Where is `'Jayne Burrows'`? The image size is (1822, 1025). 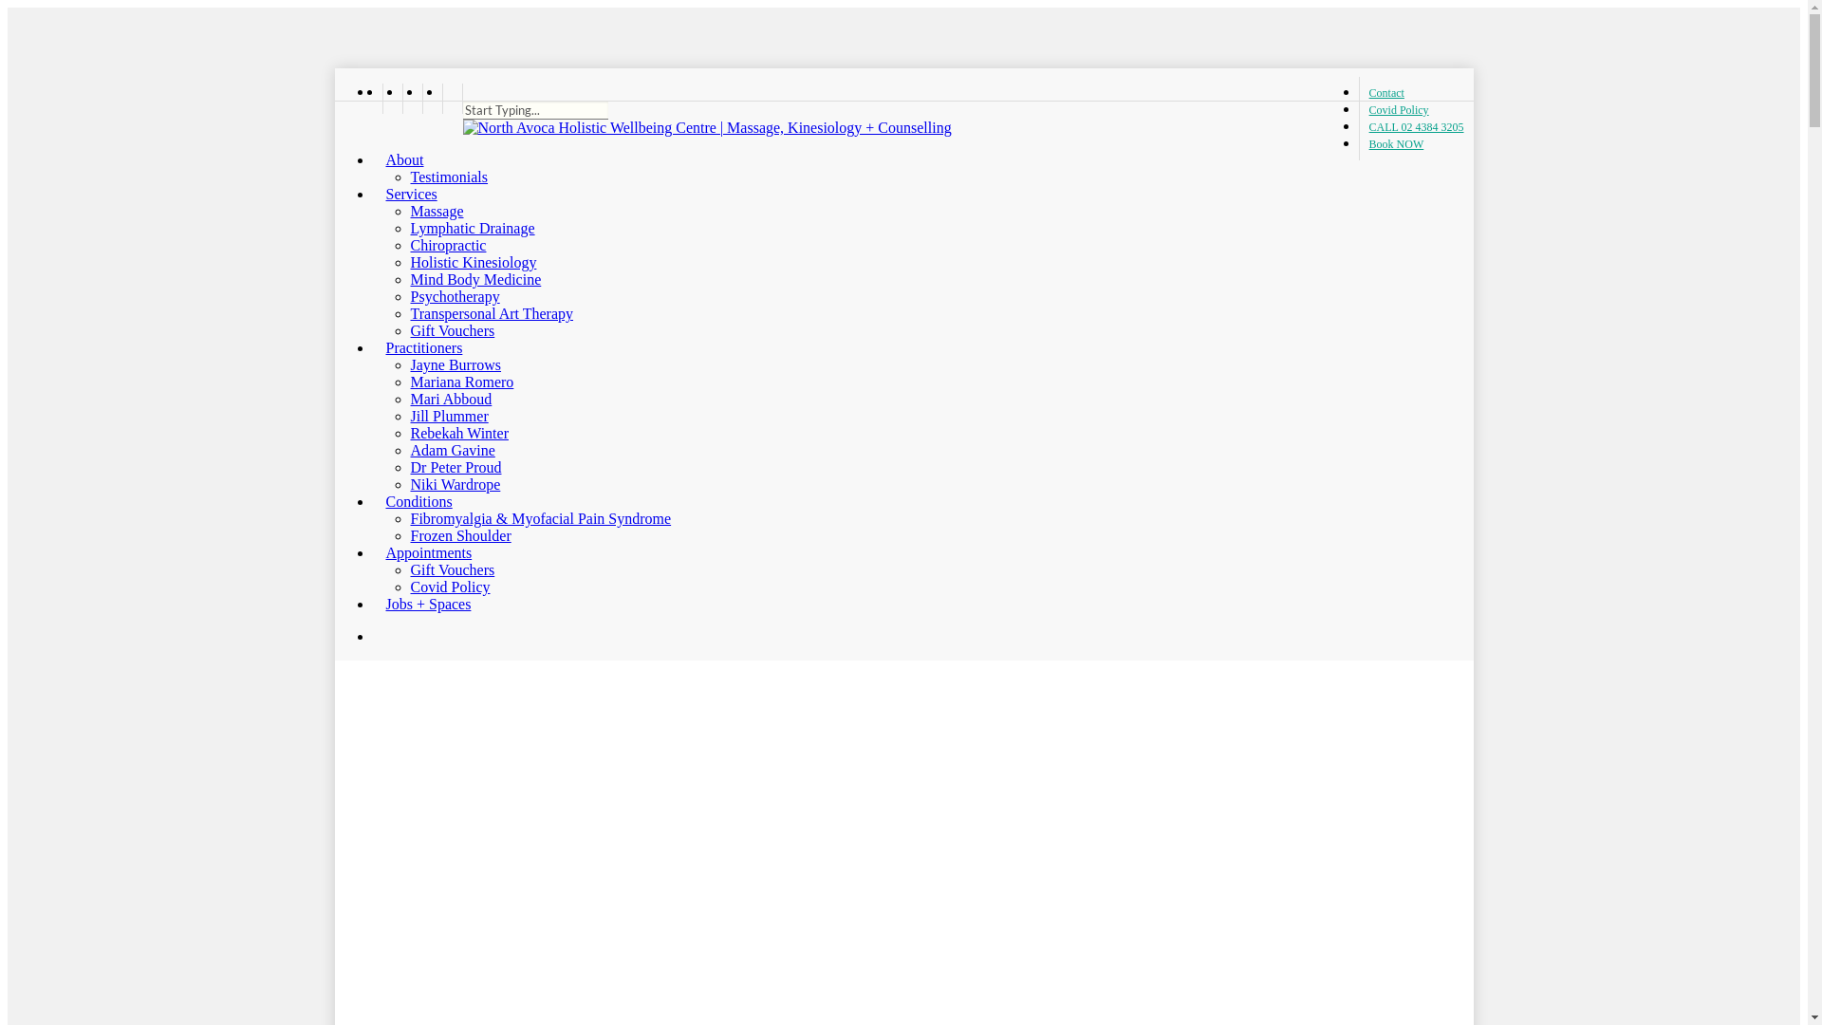 'Jayne Burrows' is located at coordinates (455, 364).